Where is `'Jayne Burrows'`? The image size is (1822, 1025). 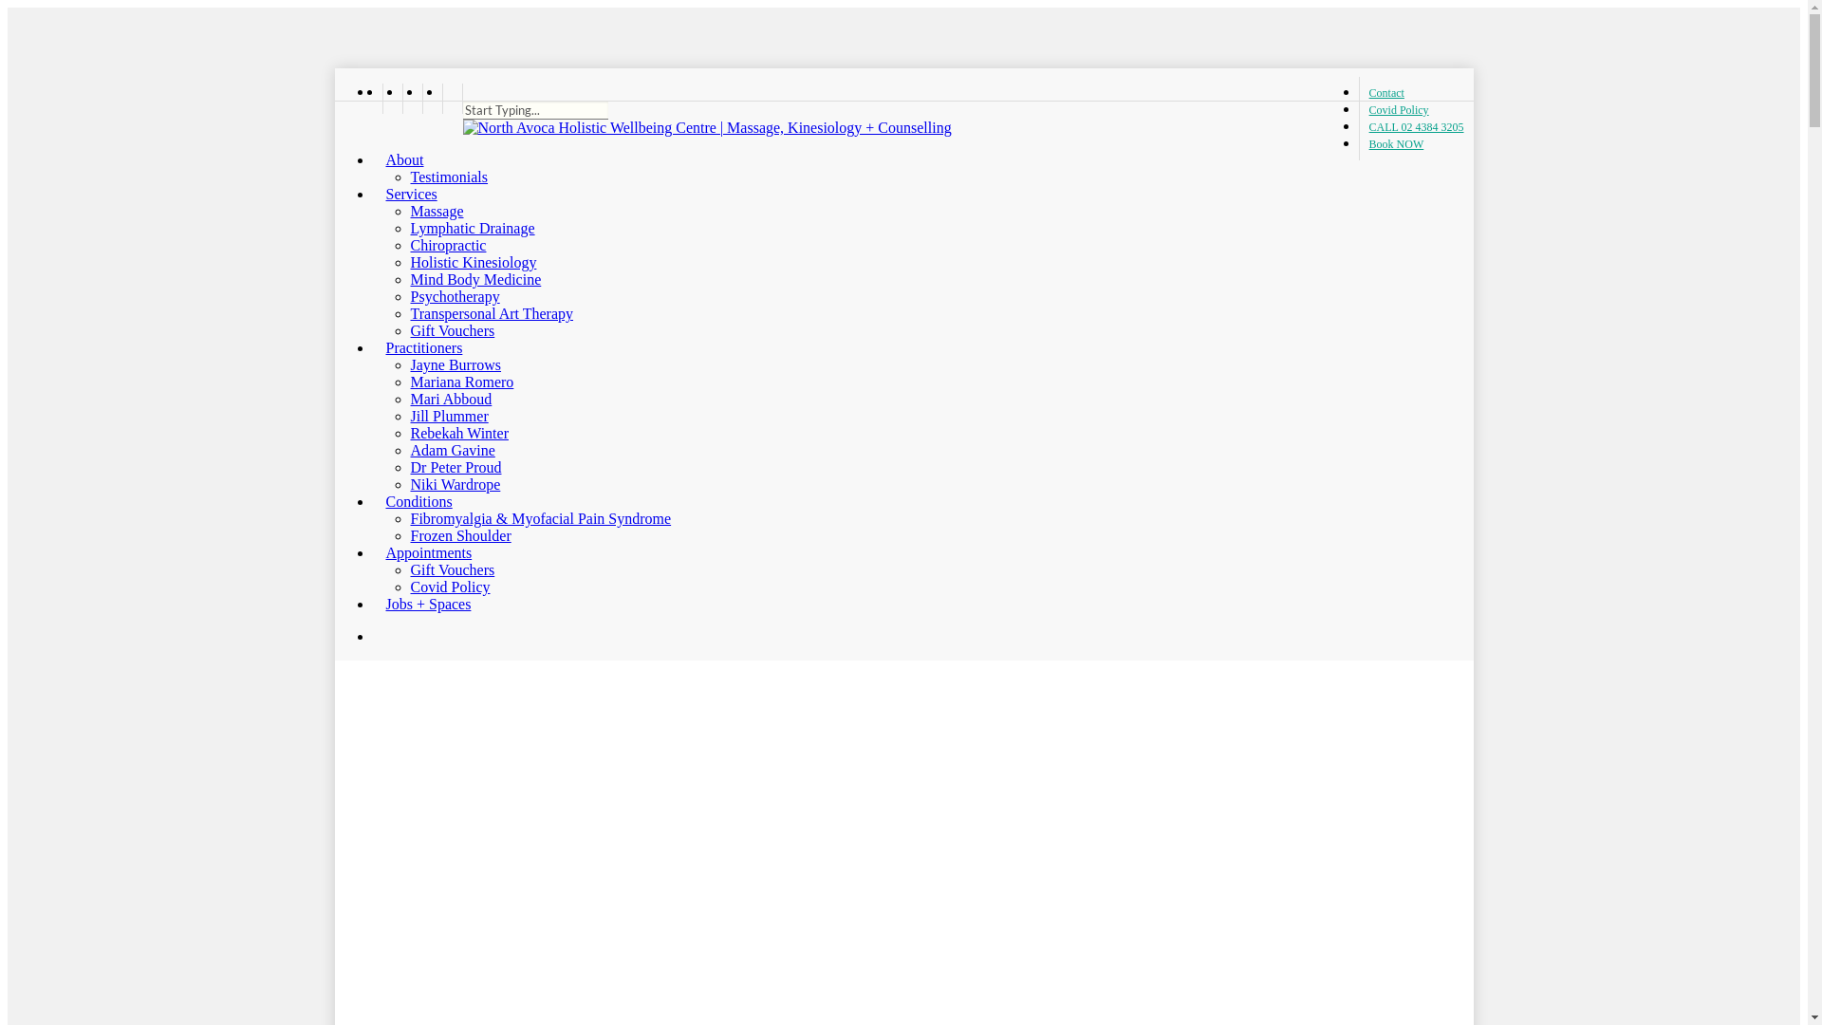 'Jayne Burrows' is located at coordinates (455, 364).